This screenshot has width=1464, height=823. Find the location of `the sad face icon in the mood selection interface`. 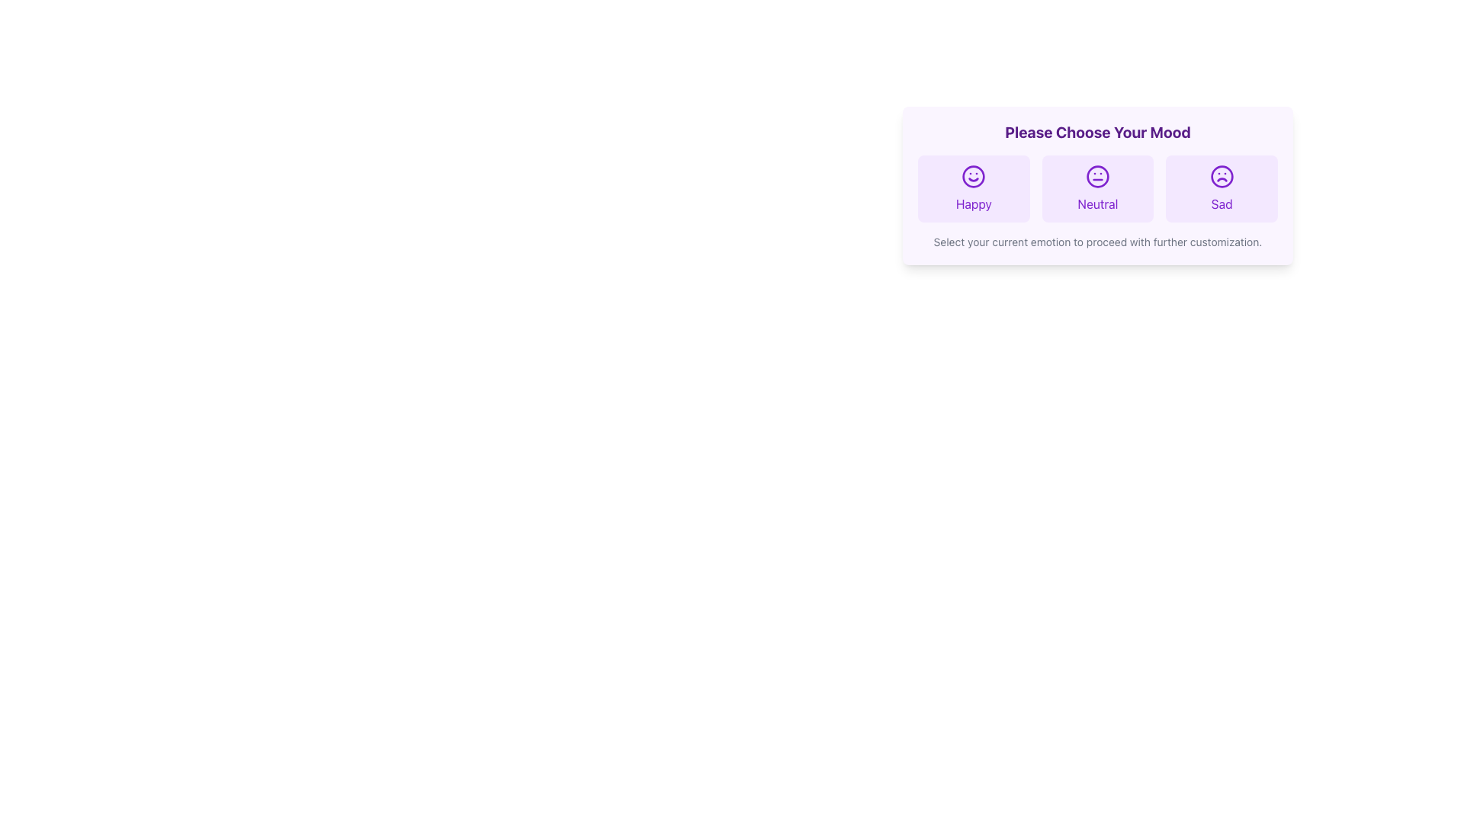

the sad face icon in the mood selection interface is located at coordinates (1222, 175).